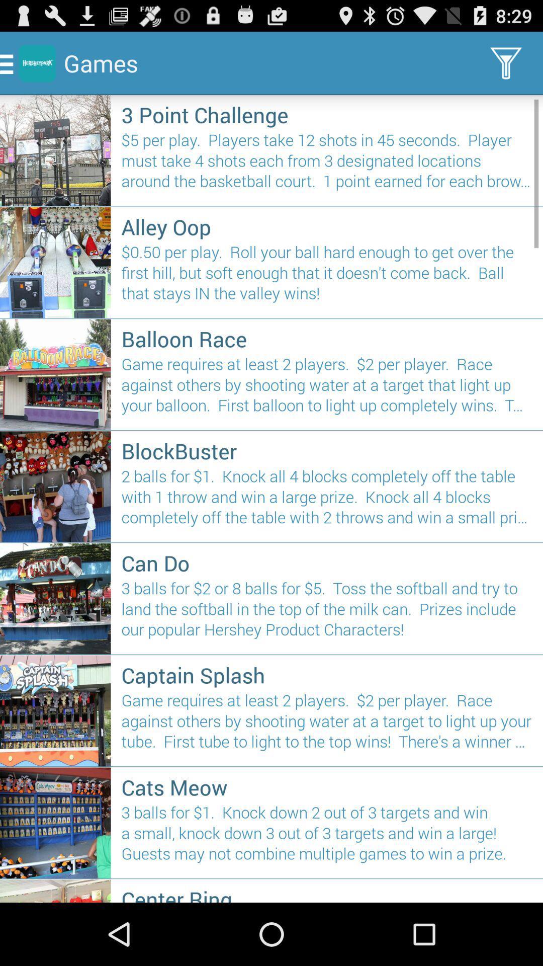 The width and height of the screenshot is (543, 966). What do you see at coordinates (327, 894) in the screenshot?
I see `the item below 3 balls for icon` at bounding box center [327, 894].